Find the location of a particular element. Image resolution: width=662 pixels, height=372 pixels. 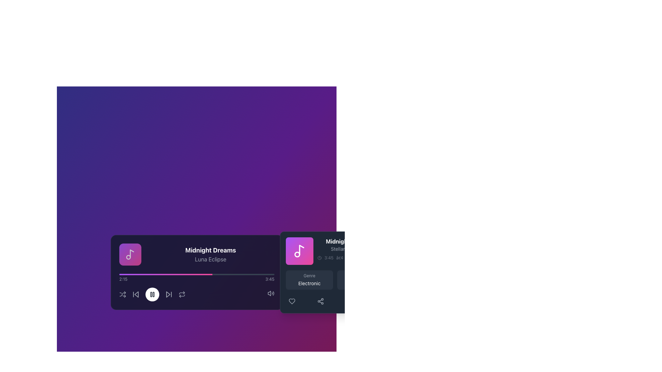

the volume control icon button located on the right side of the player interface, near the bottom-right corner of the main playback area is located at coordinates (270, 293).